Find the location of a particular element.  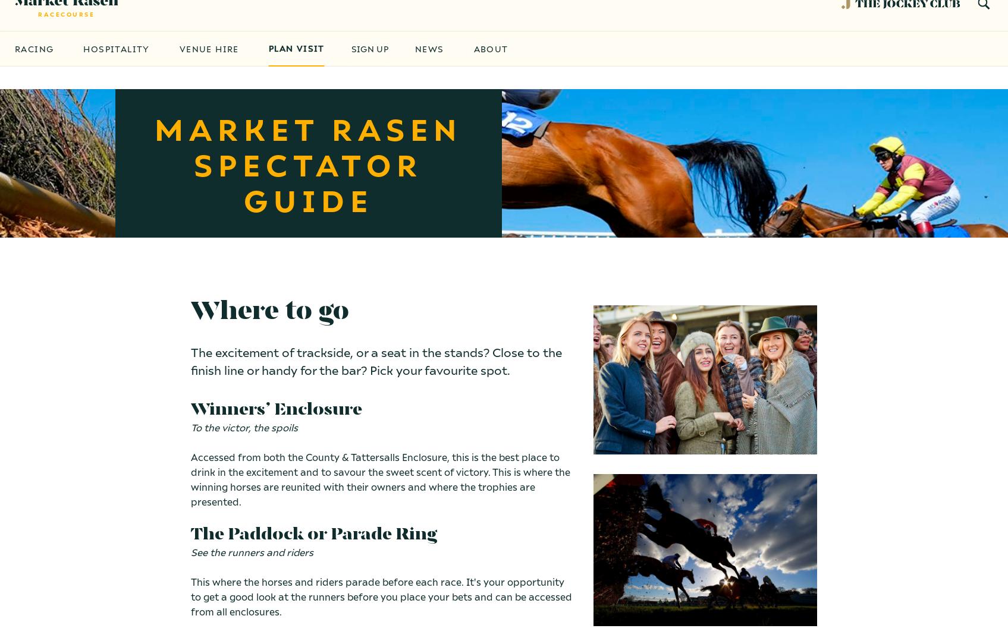

'About' is located at coordinates (473, 71).